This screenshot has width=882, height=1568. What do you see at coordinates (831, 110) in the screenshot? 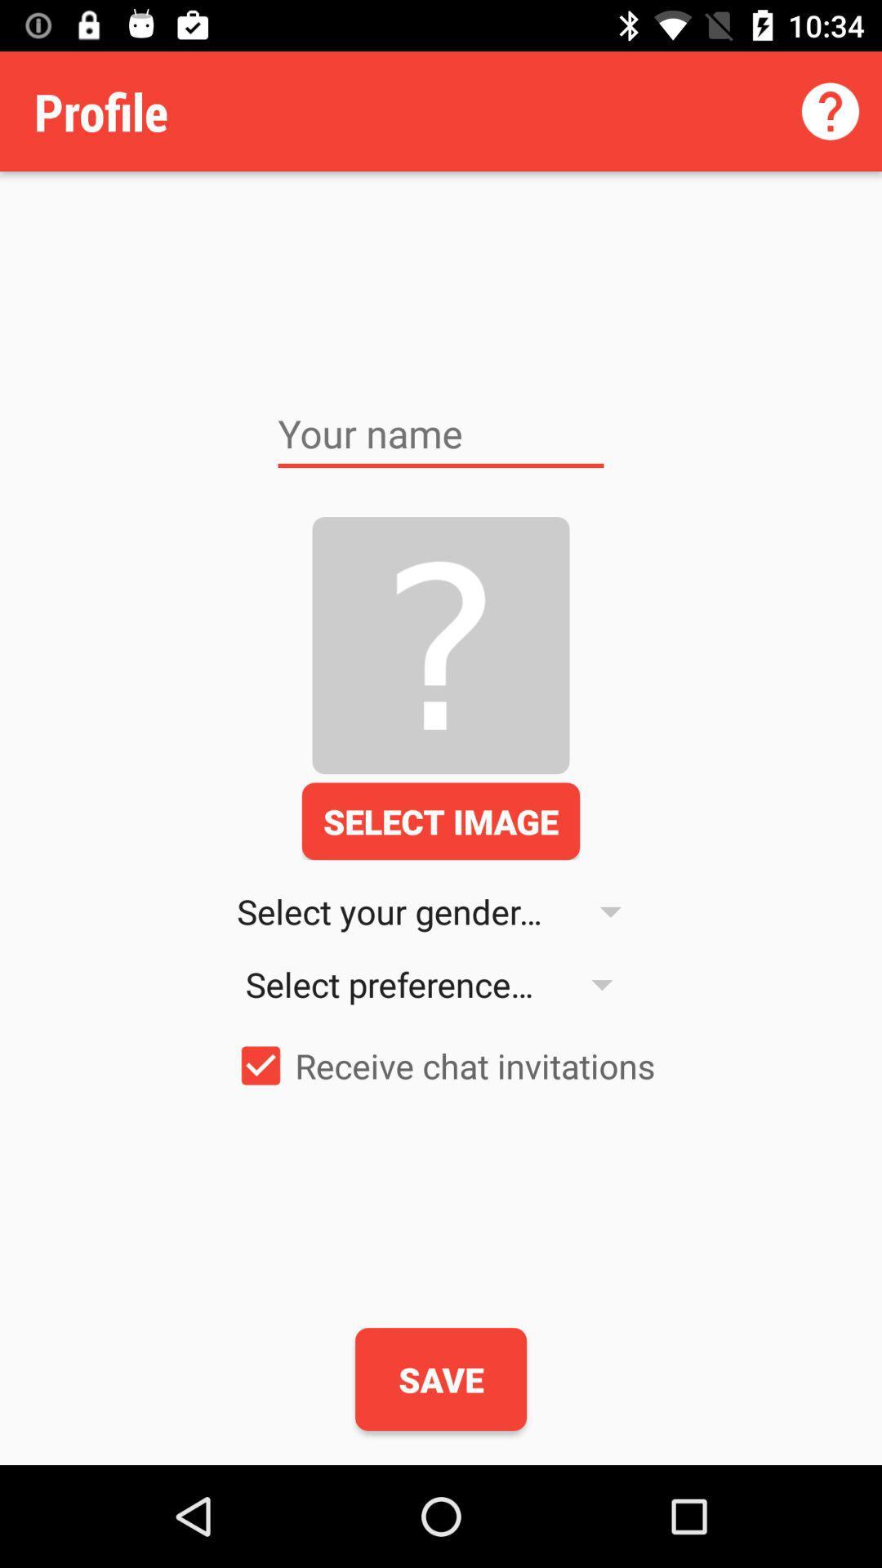
I see `item next to the profile` at bounding box center [831, 110].